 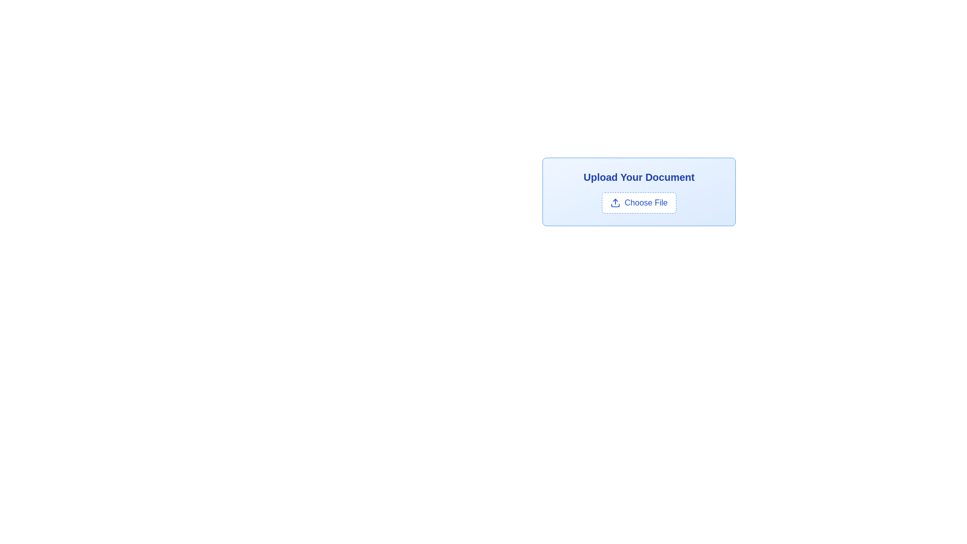 What do you see at coordinates (638, 192) in the screenshot?
I see `the button that facilitates the uploading of files, located beneath the 'Upload Your Document' text` at bounding box center [638, 192].